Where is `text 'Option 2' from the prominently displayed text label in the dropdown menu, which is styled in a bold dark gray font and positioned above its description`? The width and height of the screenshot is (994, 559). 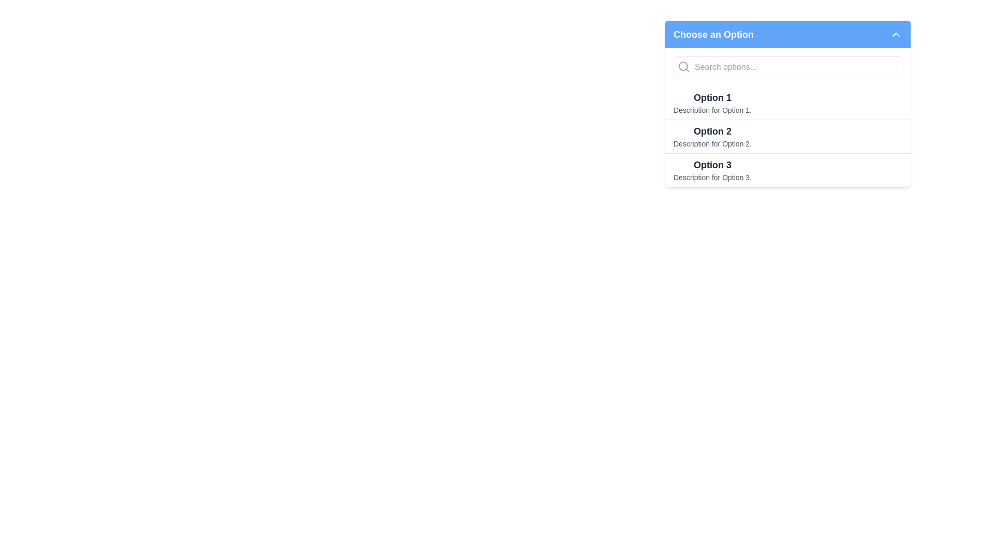 text 'Option 2' from the prominently displayed text label in the dropdown menu, which is styled in a bold dark gray font and positioned above its description is located at coordinates (712, 131).